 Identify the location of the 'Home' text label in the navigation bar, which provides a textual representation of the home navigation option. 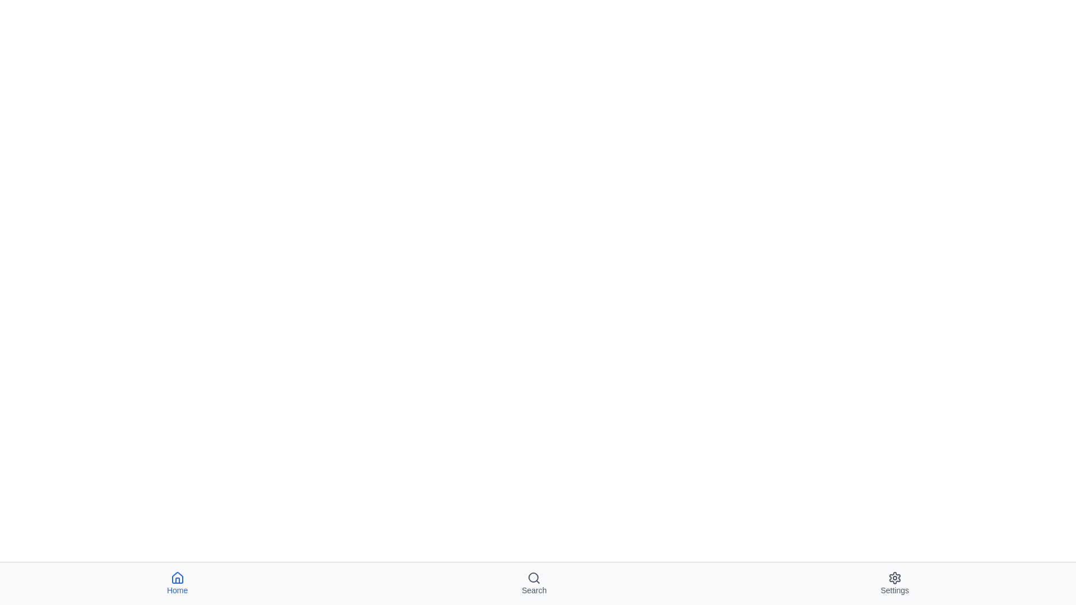
(177, 589).